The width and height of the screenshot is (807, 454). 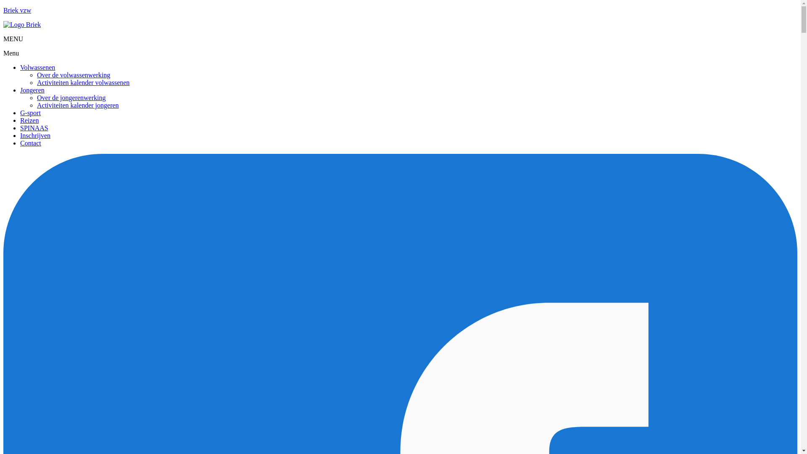 I want to click on 'Over de volwassenwerking', so click(x=73, y=74).